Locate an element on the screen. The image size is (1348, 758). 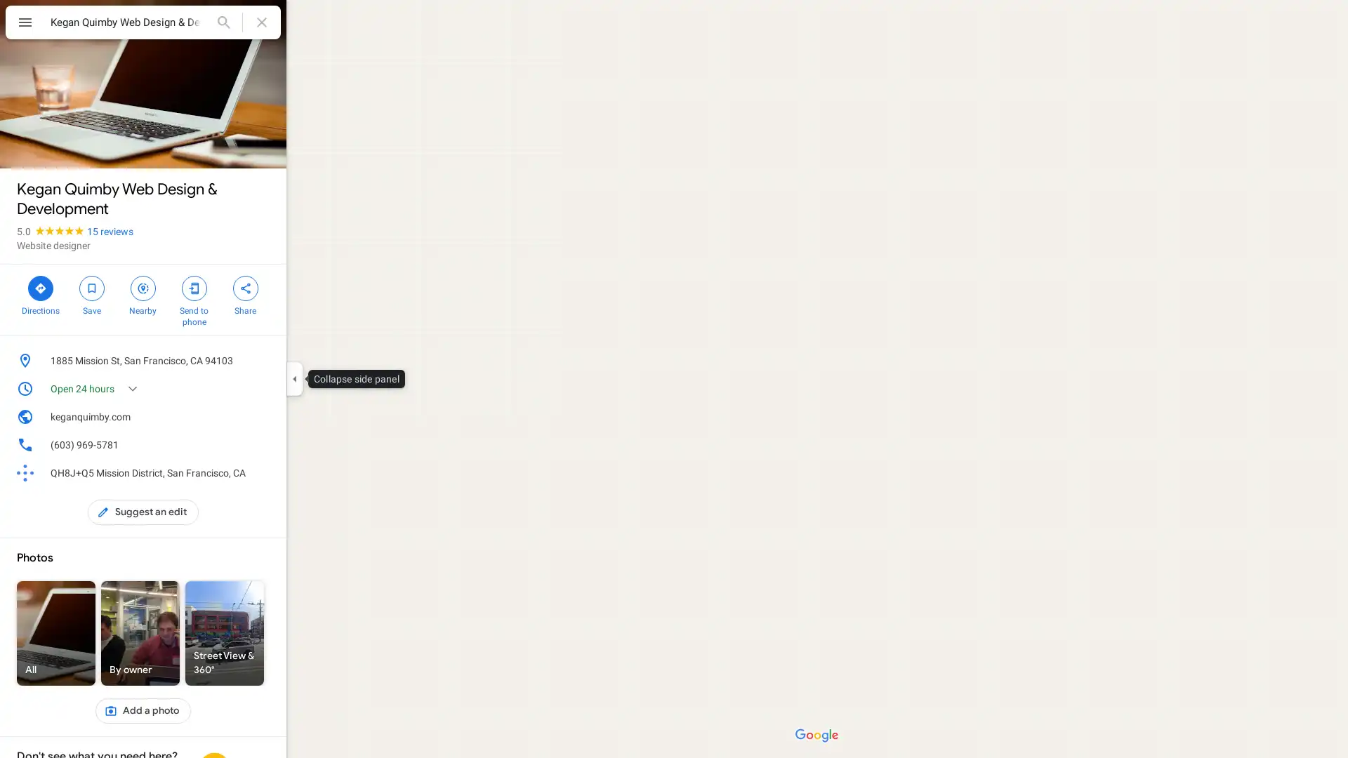
Copy plus code is located at coordinates (242, 473).